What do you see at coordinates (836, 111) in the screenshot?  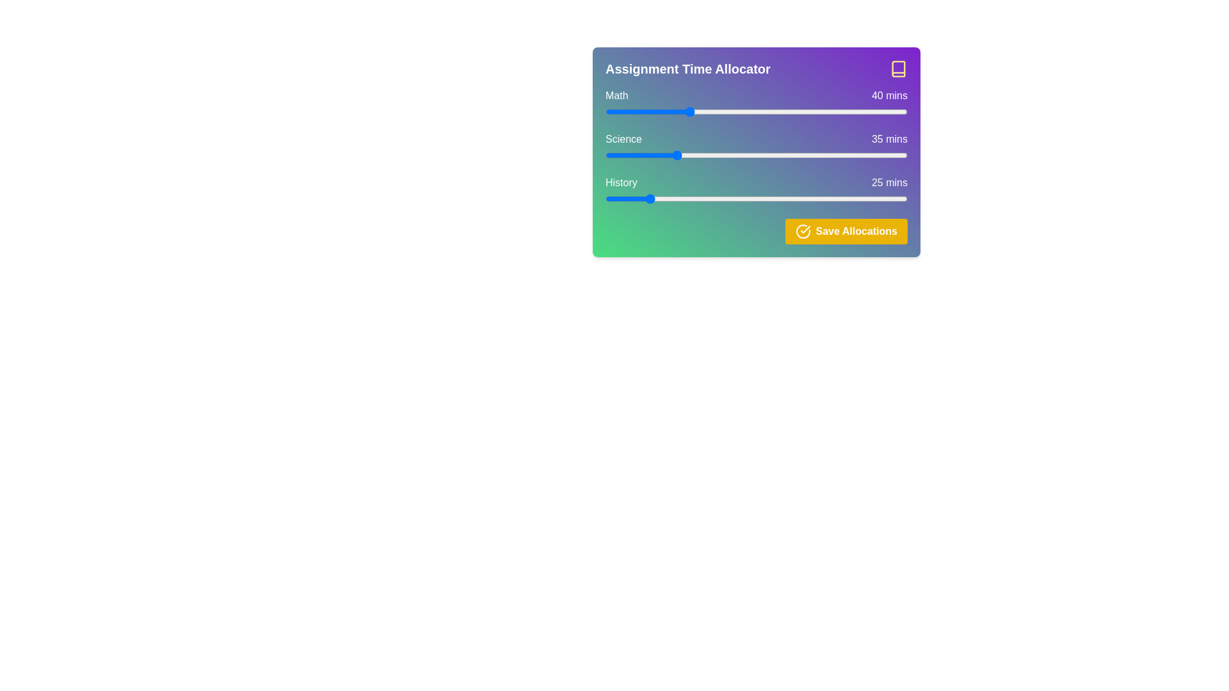 I see `the slider for 'Math'` at bounding box center [836, 111].